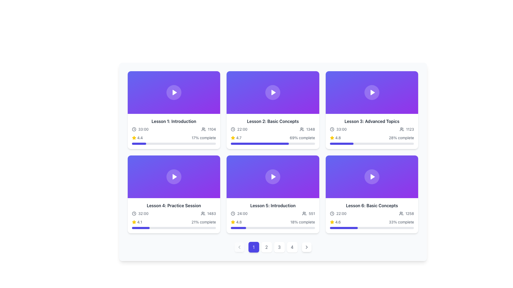 The width and height of the screenshot is (513, 288). Describe the element at coordinates (372, 177) in the screenshot. I see `the play button in the clickable thumbnail with a gradient background and a play icon, located in 'Lesson 6: Basic Concepts'` at that location.